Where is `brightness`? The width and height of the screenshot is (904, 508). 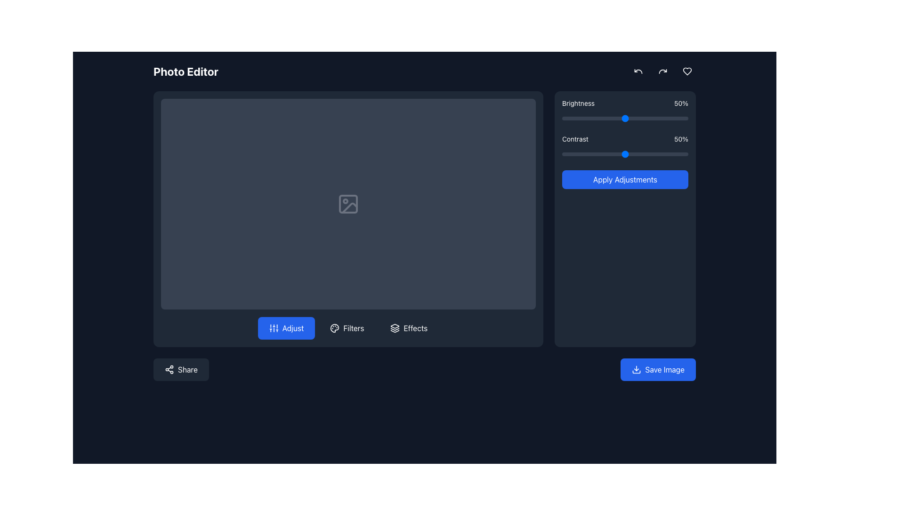
brightness is located at coordinates (651, 118).